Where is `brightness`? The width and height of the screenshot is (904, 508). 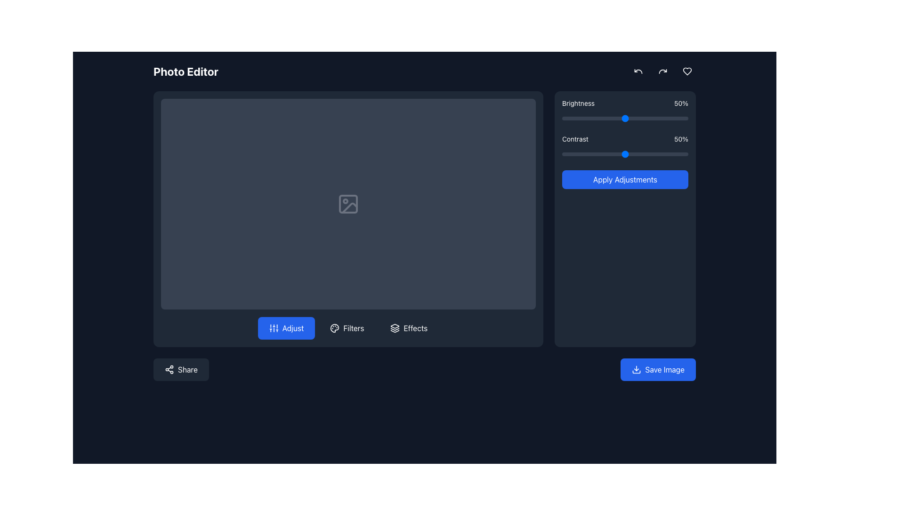
brightness is located at coordinates (651, 118).